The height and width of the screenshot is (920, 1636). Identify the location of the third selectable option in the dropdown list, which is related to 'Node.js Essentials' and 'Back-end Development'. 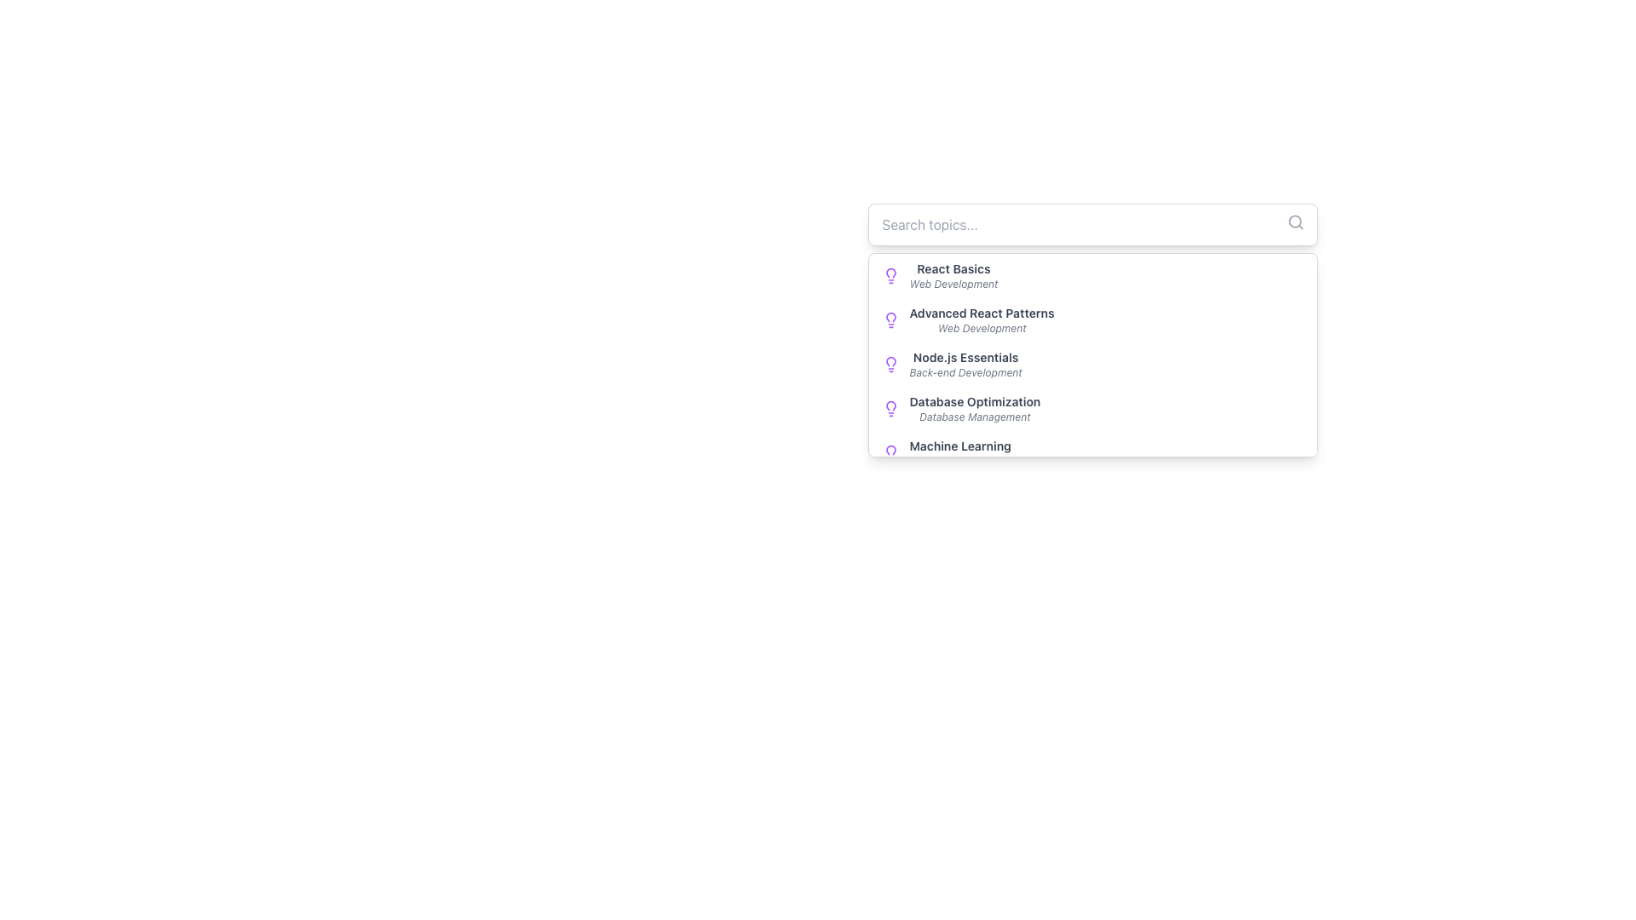
(1092, 364).